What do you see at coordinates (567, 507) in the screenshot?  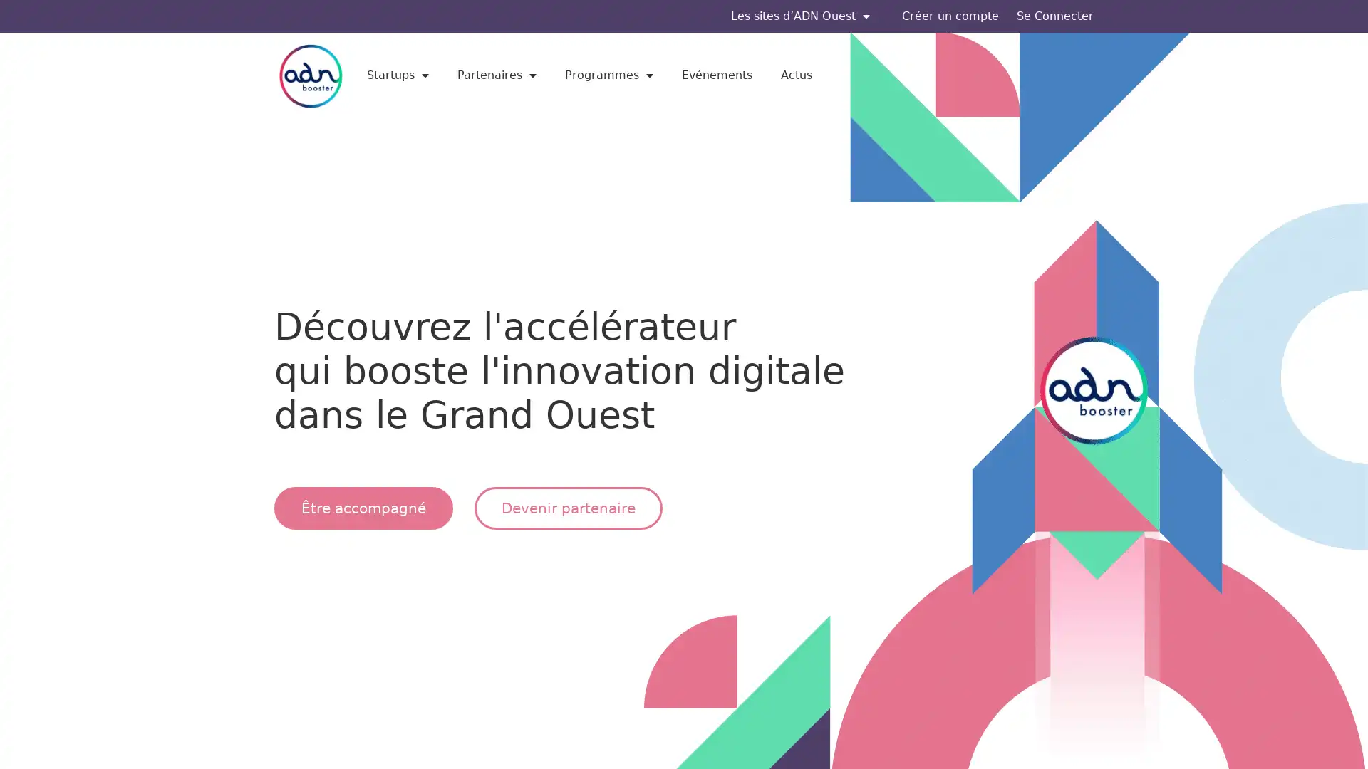 I see `Devenir partenaire` at bounding box center [567, 507].